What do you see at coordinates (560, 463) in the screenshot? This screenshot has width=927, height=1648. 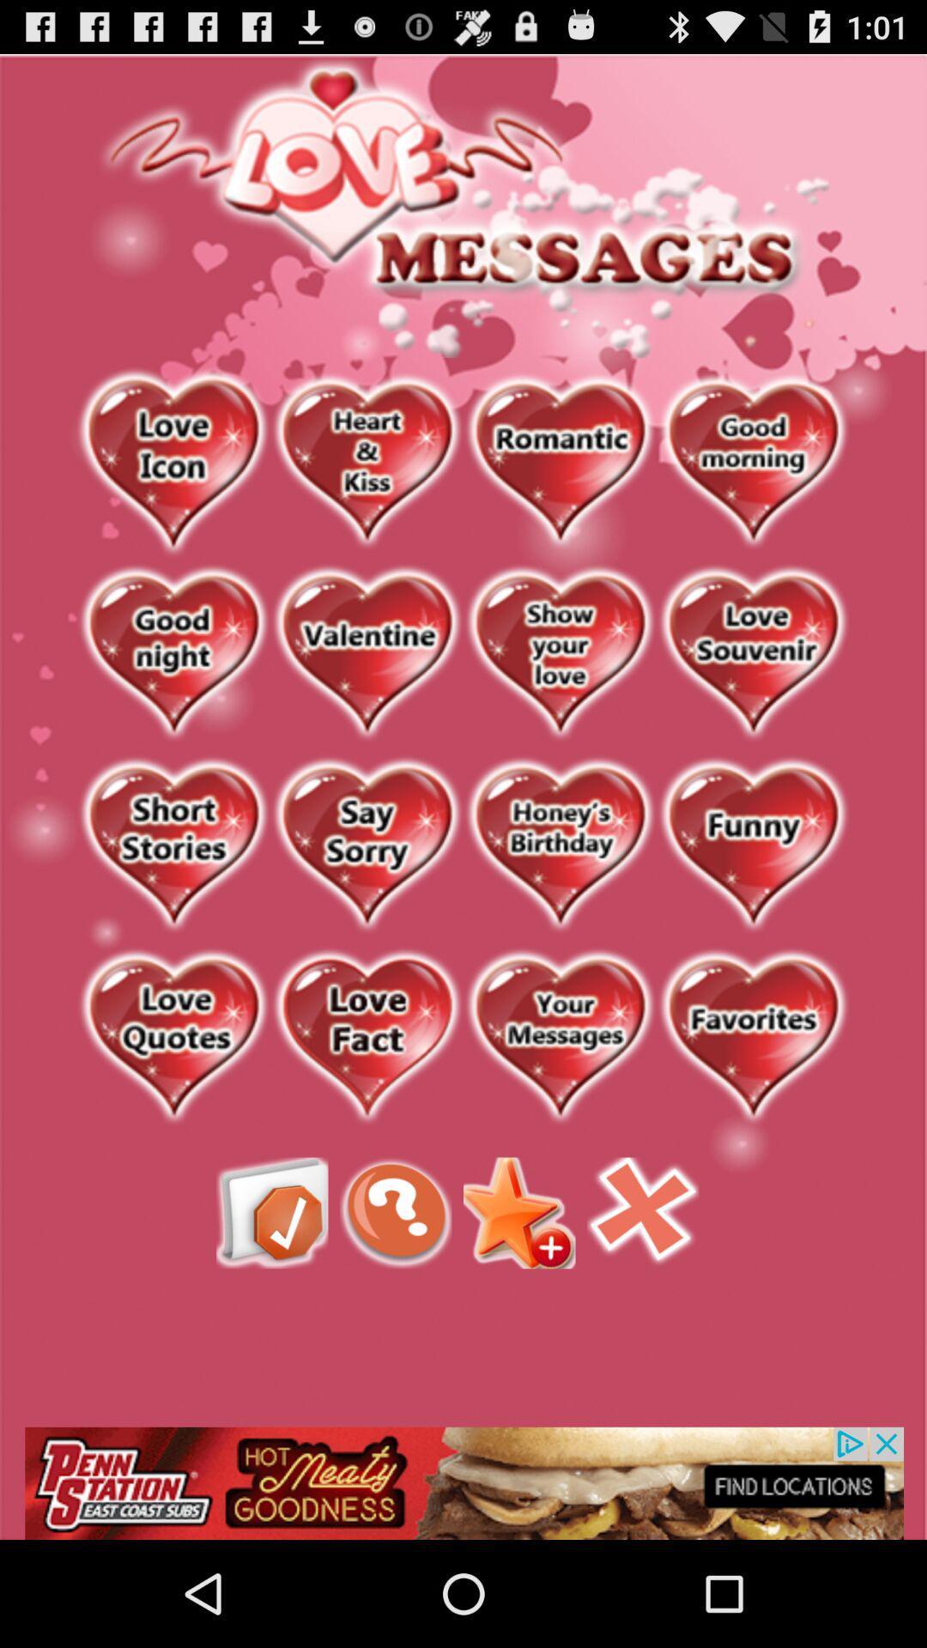 I see `romantic` at bounding box center [560, 463].